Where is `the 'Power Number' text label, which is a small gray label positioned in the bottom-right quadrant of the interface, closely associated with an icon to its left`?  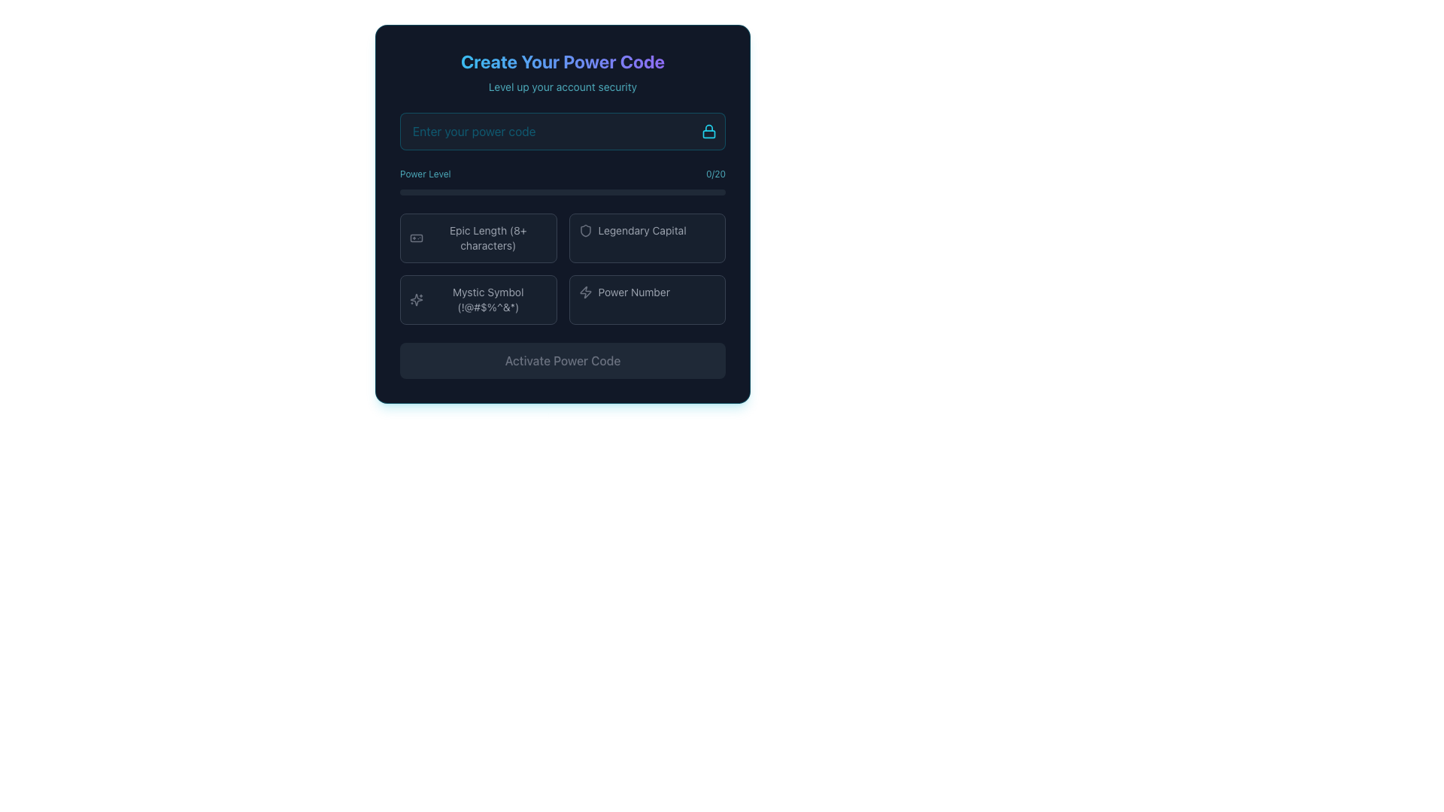 the 'Power Number' text label, which is a small gray label positioned in the bottom-right quadrant of the interface, closely associated with an icon to its left is located at coordinates (634, 292).